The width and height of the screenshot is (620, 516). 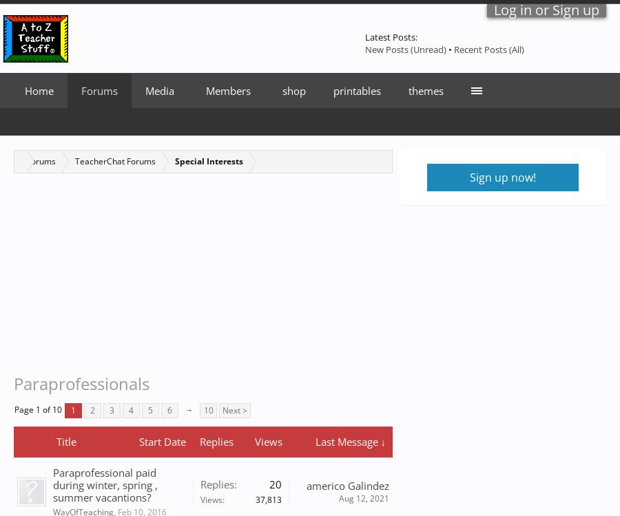 What do you see at coordinates (105, 484) in the screenshot?
I see `'Paraprofessional paid during winter, spring , summer vacantions?'` at bounding box center [105, 484].